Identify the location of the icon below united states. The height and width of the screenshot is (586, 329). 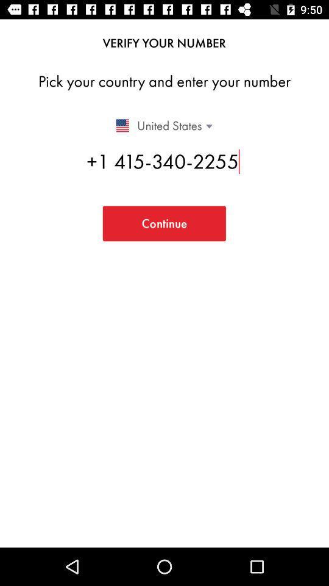
(164, 161).